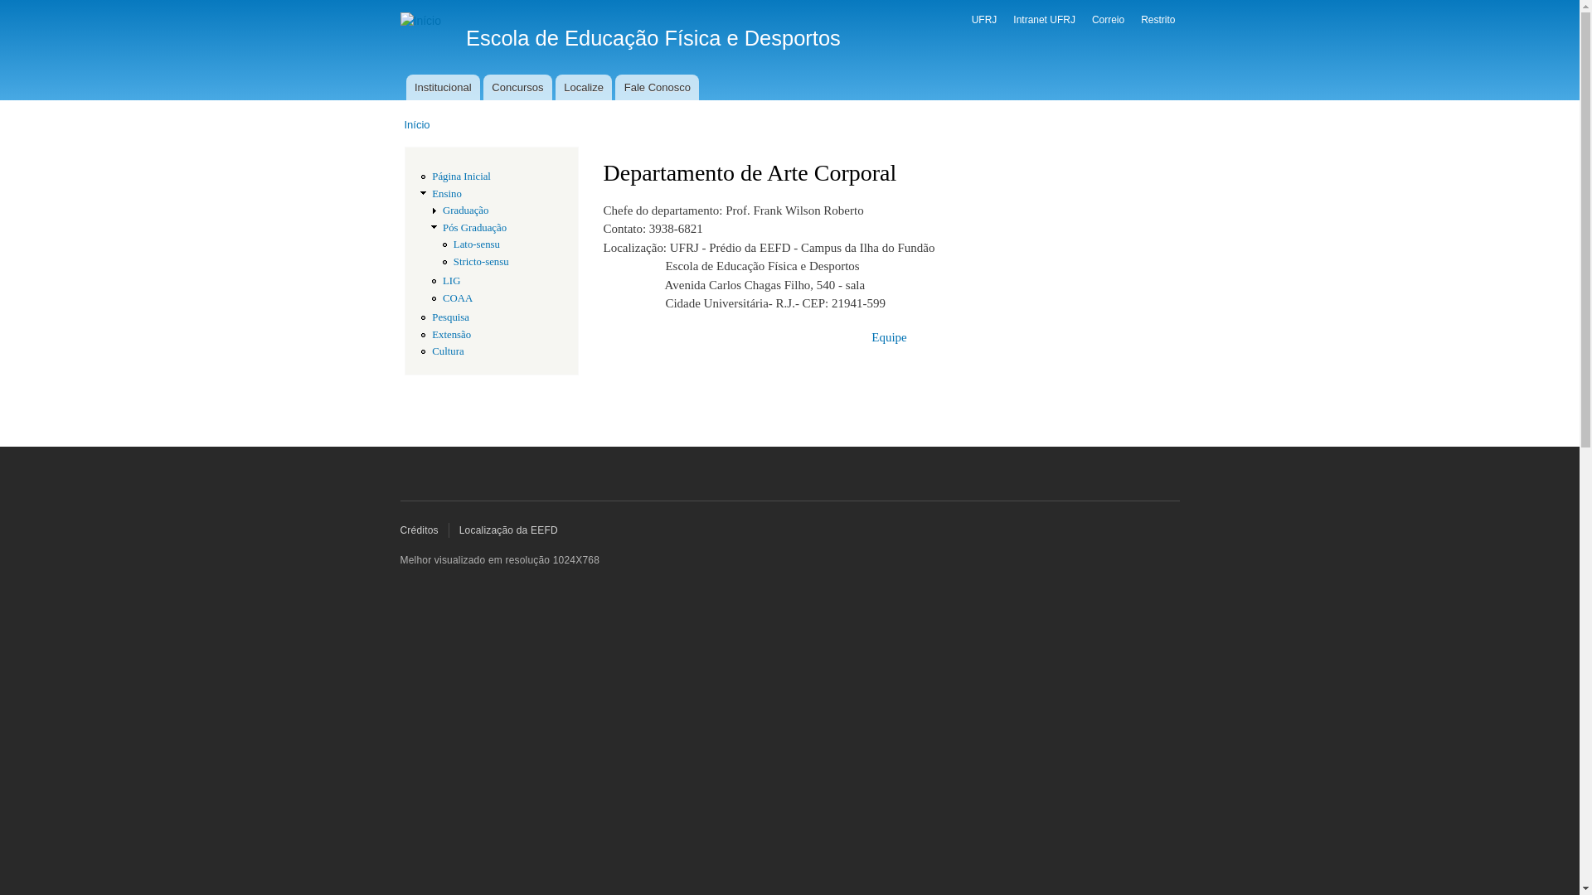 This screenshot has width=1592, height=895. What do you see at coordinates (432, 193) in the screenshot?
I see `'Ensino'` at bounding box center [432, 193].